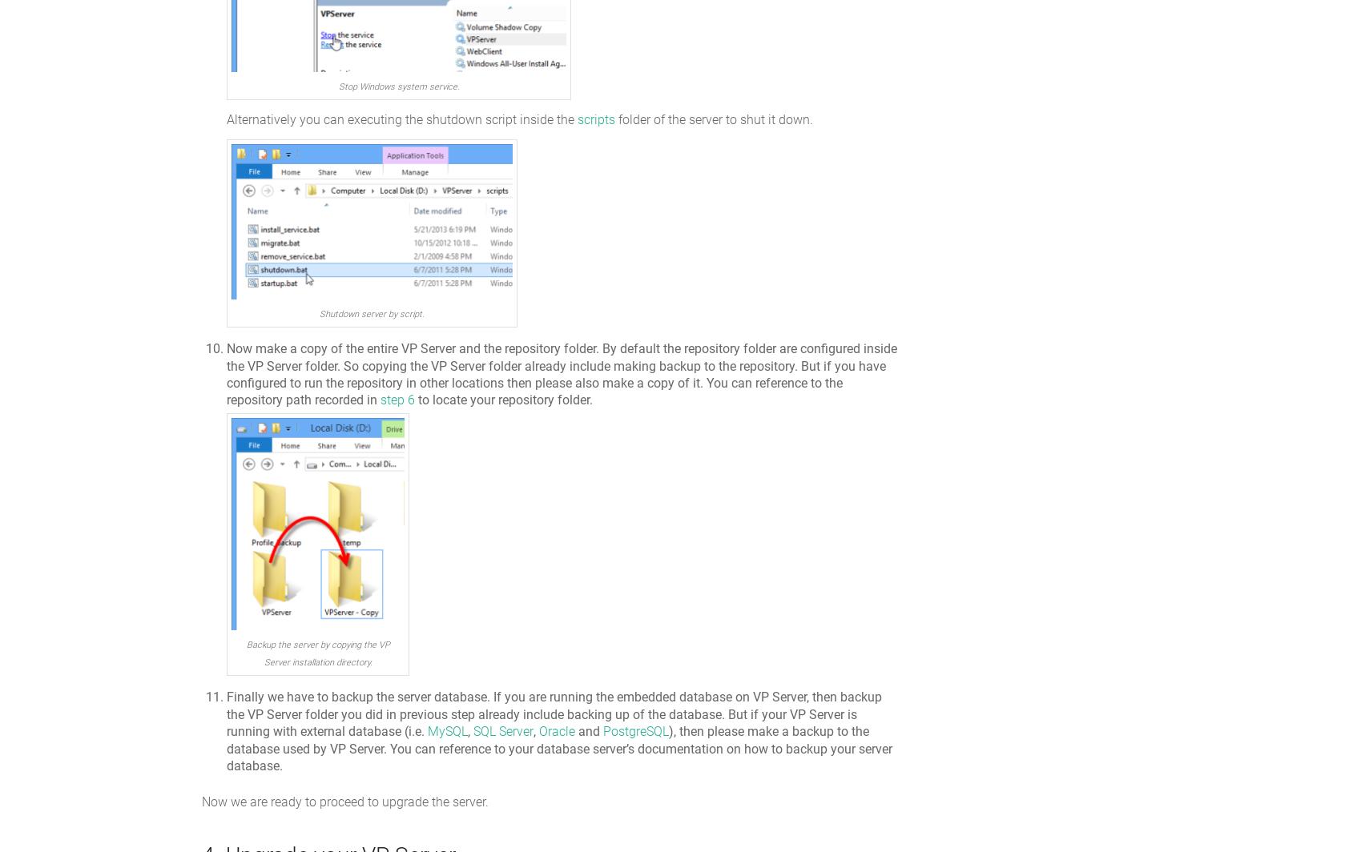  What do you see at coordinates (502, 731) in the screenshot?
I see `'SQL Server'` at bounding box center [502, 731].